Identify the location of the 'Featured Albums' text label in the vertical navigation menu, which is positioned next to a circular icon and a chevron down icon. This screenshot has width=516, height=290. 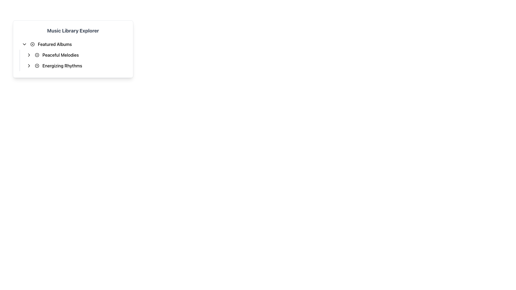
(55, 44).